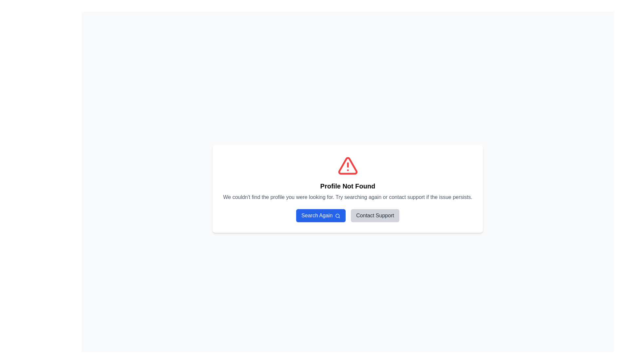 This screenshot has width=629, height=354. Describe the element at coordinates (338, 216) in the screenshot. I see `the magnifying glass icon on the right side of the 'Search Again' button, which is positioned below the 'Profile Not Found' message` at that location.